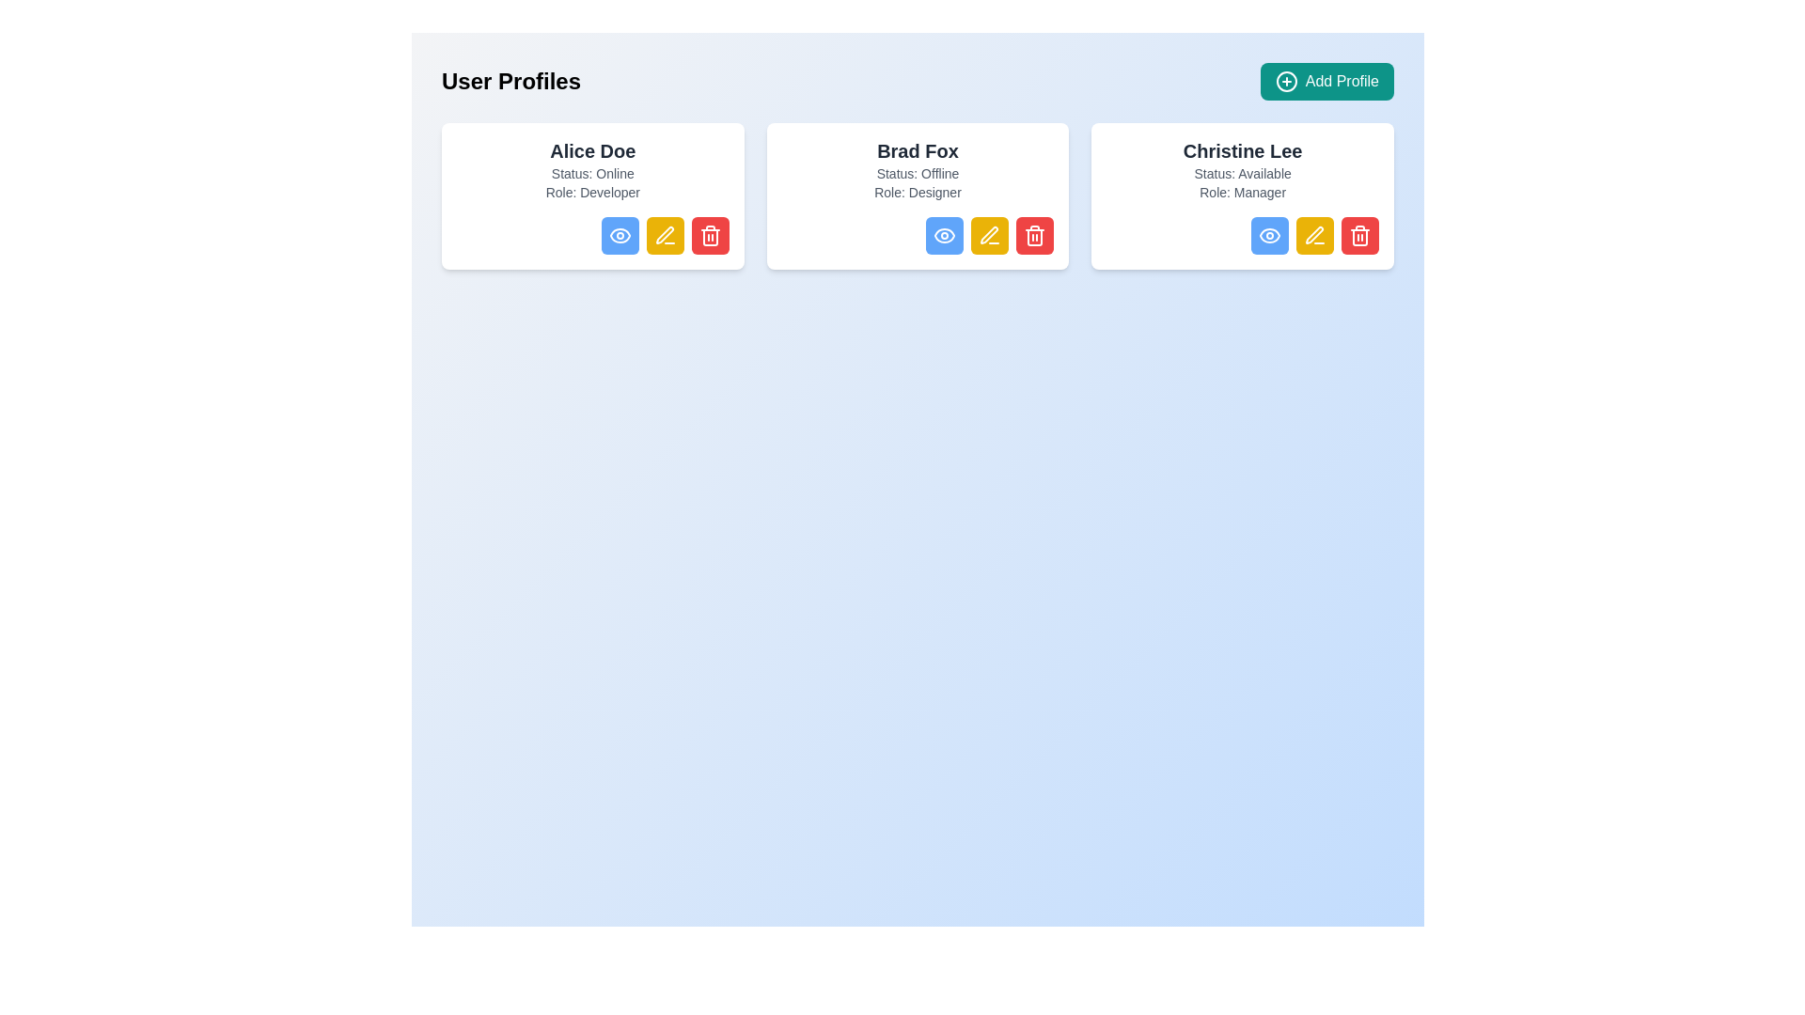 The width and height of the screenshot is (1805, 1015). Describe the element at coordinates (1359, 237) in the screenshot. I see `the trash can icon button located within the card for 'Christine Lee'` at that location.